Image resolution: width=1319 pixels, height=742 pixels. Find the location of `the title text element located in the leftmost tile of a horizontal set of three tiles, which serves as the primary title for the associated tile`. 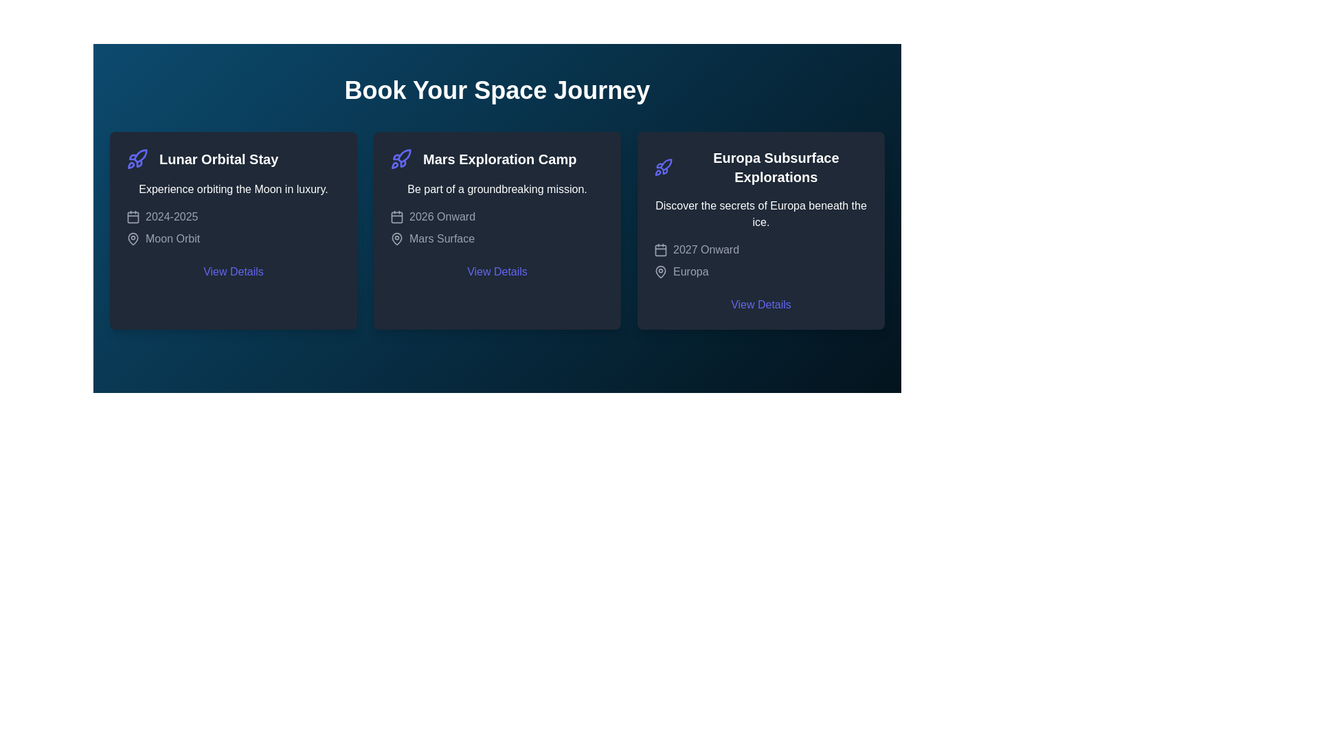

the title text element located in the leftmost tile of a horizontal set of three tiles, which serves as the primary title for the associated tile is located at coordinates (218, 158).